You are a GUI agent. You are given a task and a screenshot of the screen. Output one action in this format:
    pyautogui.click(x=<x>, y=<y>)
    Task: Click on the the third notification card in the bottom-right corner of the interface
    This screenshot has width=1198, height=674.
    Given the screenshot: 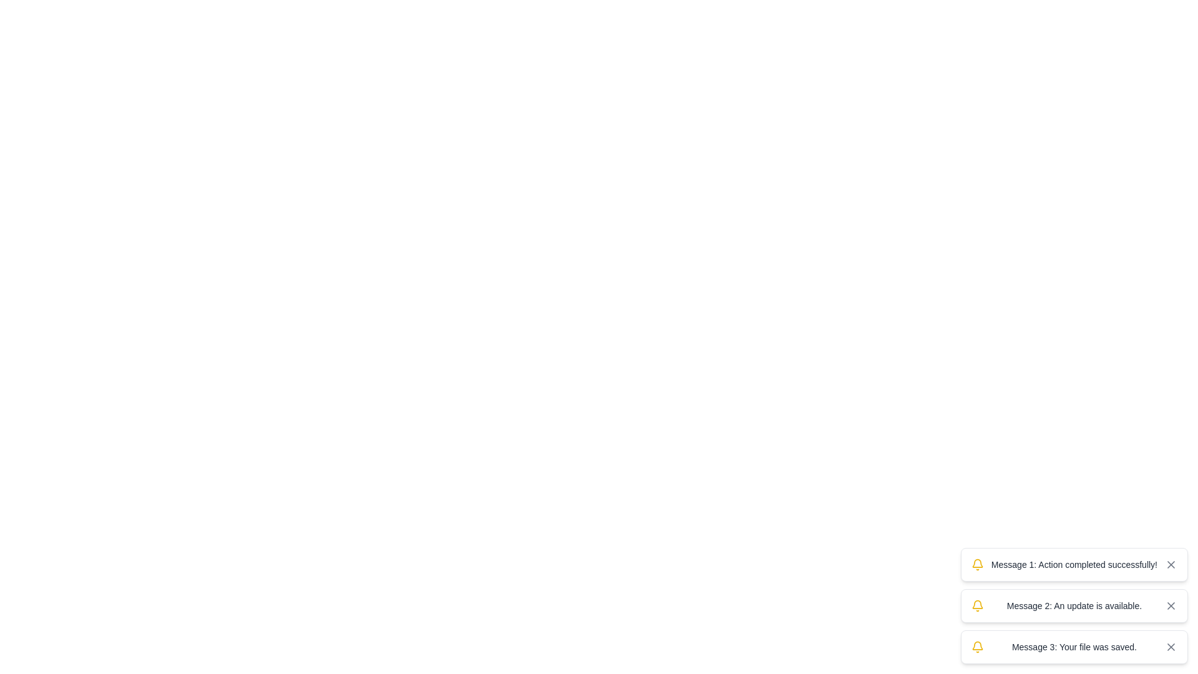 What is the action you would take?
    pyautogui.click(x=1073, y=647)
    